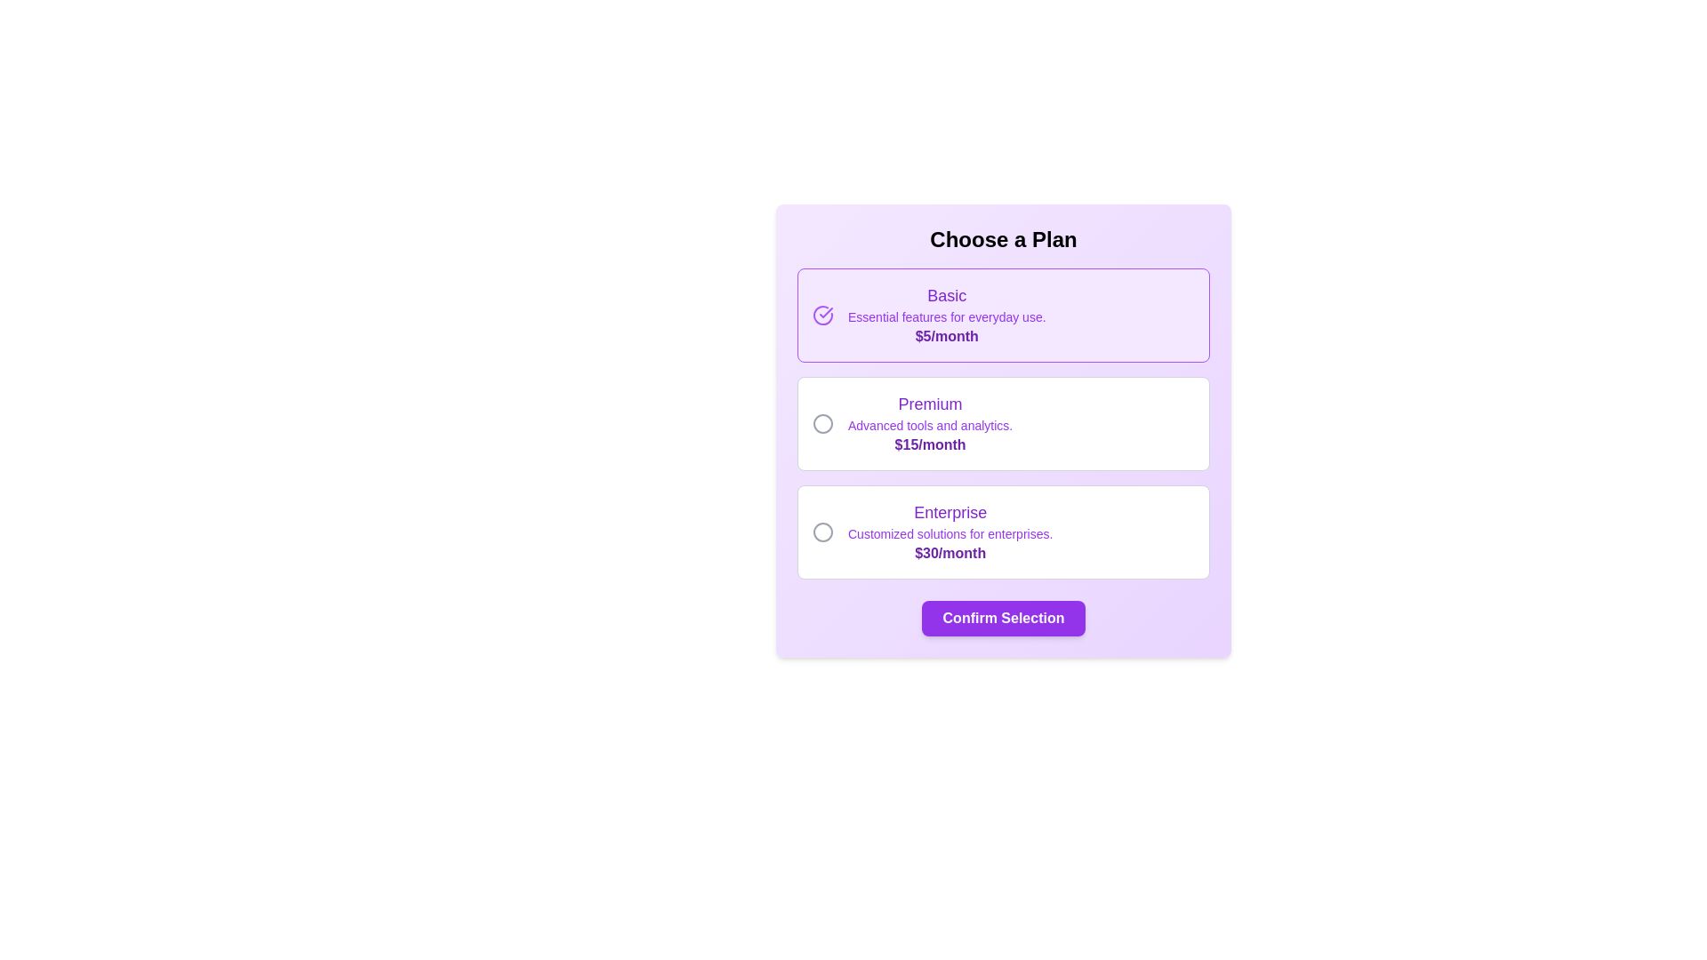  What do you see at coordinates (1003, 314) in the screenshot?
I see `the first pricing option labeled 'Basic' with a soft purple background and a checkmark icon` at bounding box center [1003, 314].